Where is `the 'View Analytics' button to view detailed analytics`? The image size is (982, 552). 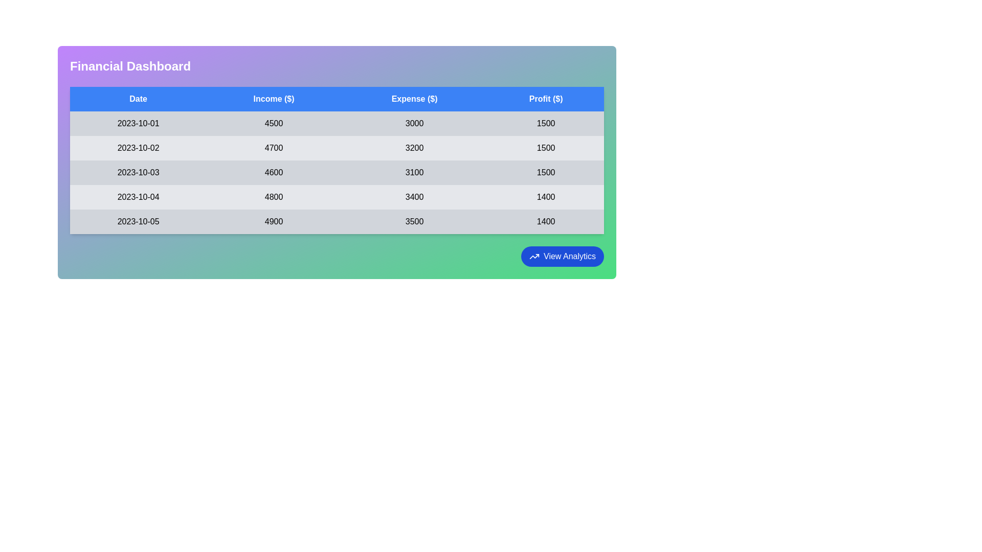
the 'View Analytics' button to view detailed analytics is located at coordinates (562, 256).